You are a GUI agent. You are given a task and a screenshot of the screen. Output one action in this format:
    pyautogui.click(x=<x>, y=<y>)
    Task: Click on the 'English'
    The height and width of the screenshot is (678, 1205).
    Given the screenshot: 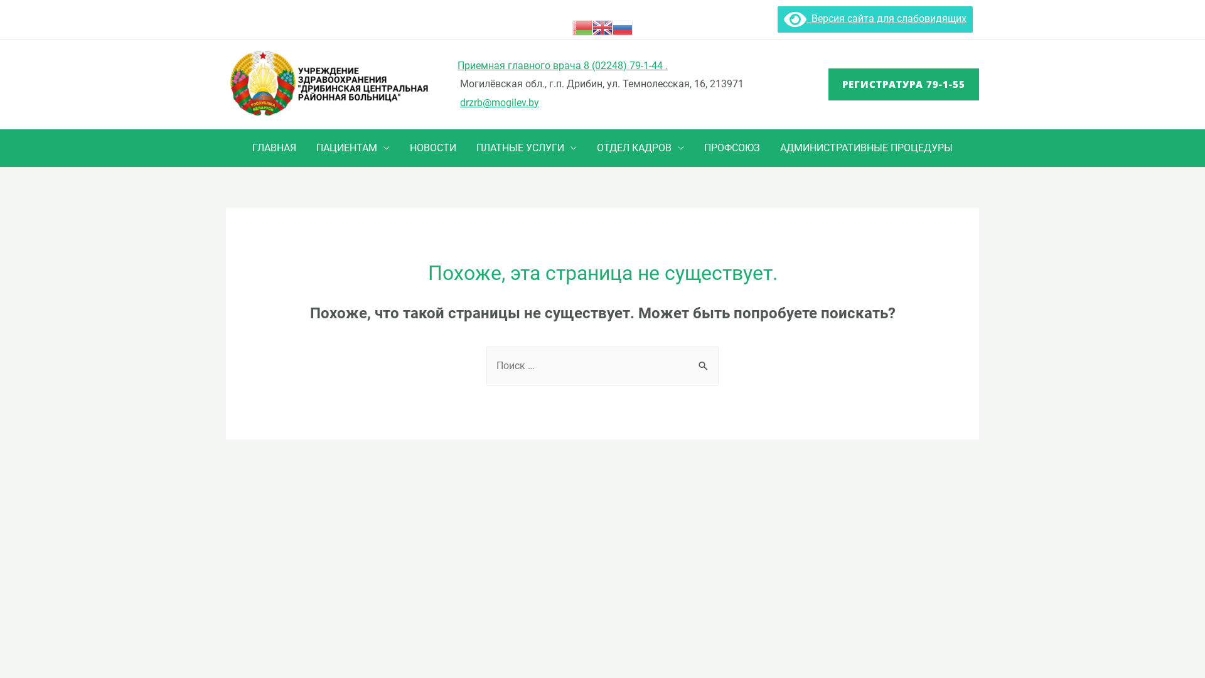 What is the action you would take?
    pyautogui.click(x=602, y=26)
    